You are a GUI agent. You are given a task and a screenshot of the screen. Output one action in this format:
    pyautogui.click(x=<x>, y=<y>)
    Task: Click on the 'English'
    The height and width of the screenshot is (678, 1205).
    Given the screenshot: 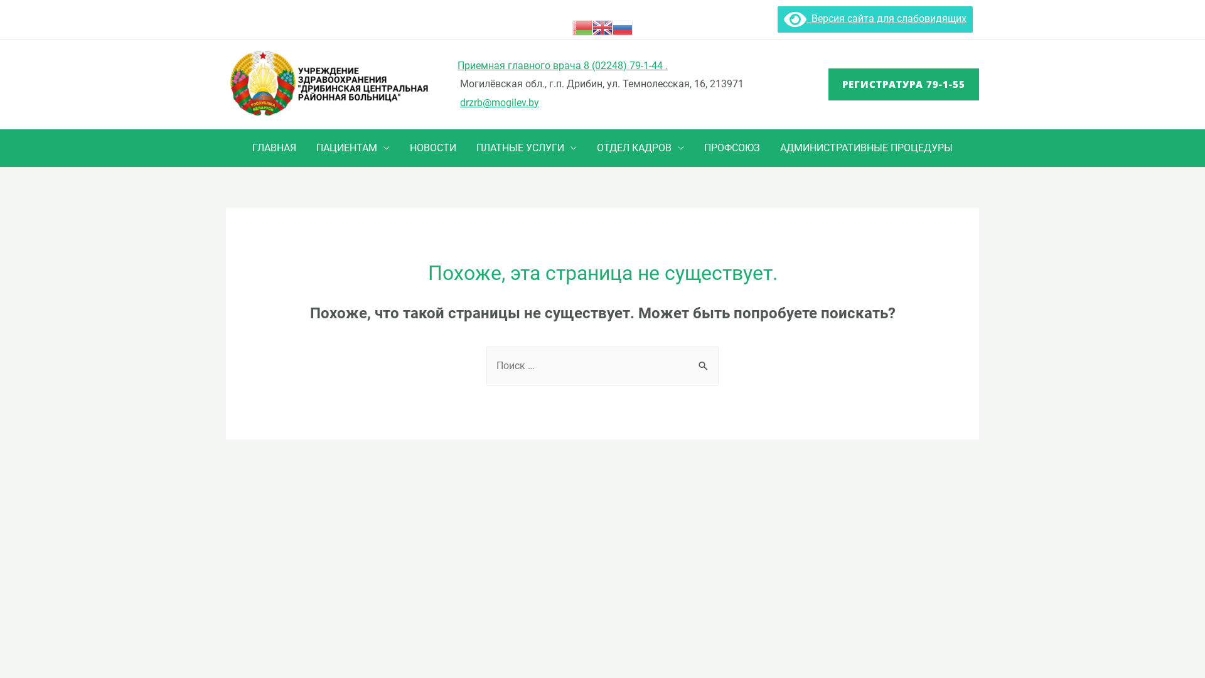 What is the action you would take?
    pyautogui.click(x=602, y=26)
    